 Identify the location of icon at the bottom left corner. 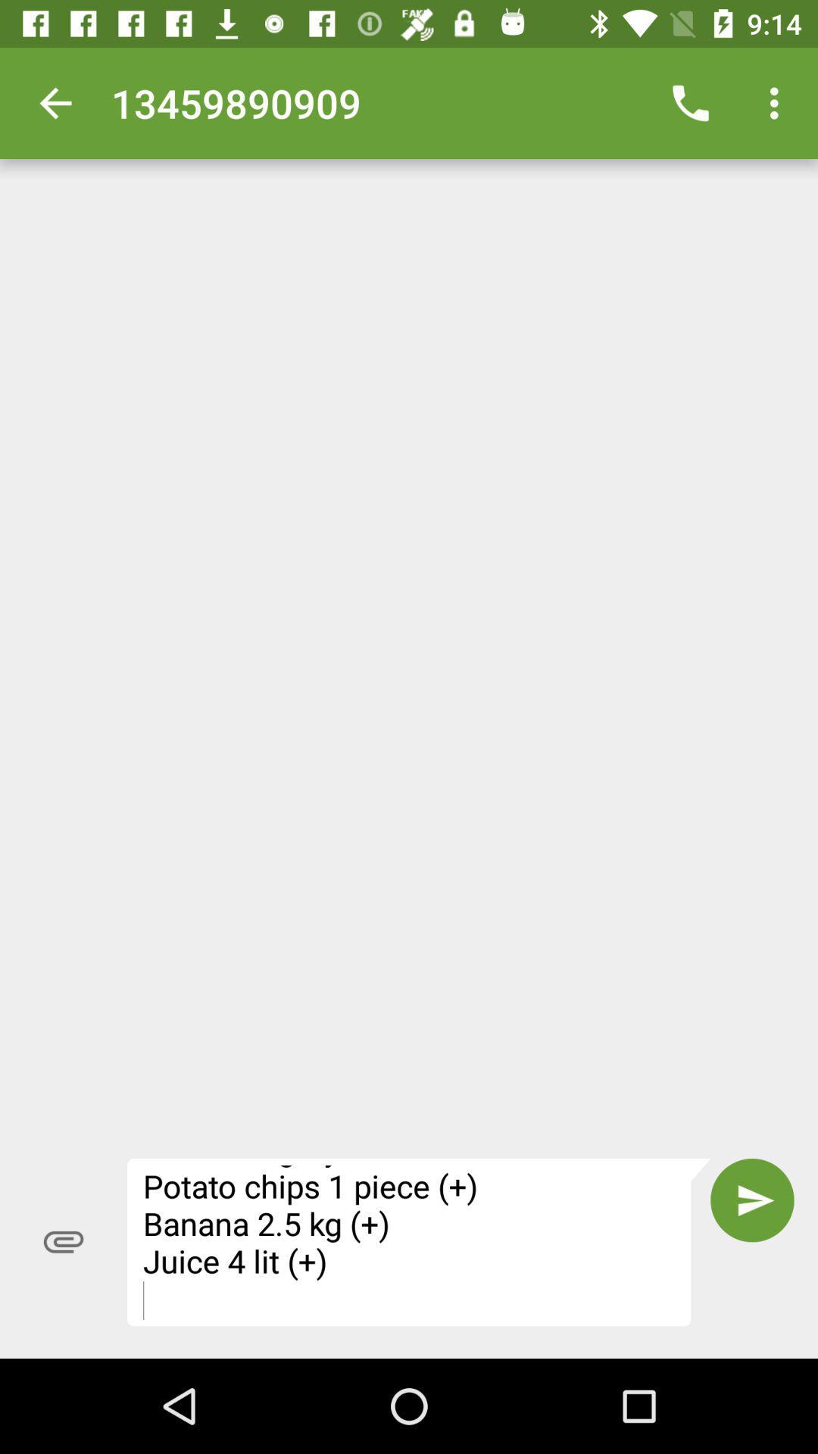
(63, 1242).